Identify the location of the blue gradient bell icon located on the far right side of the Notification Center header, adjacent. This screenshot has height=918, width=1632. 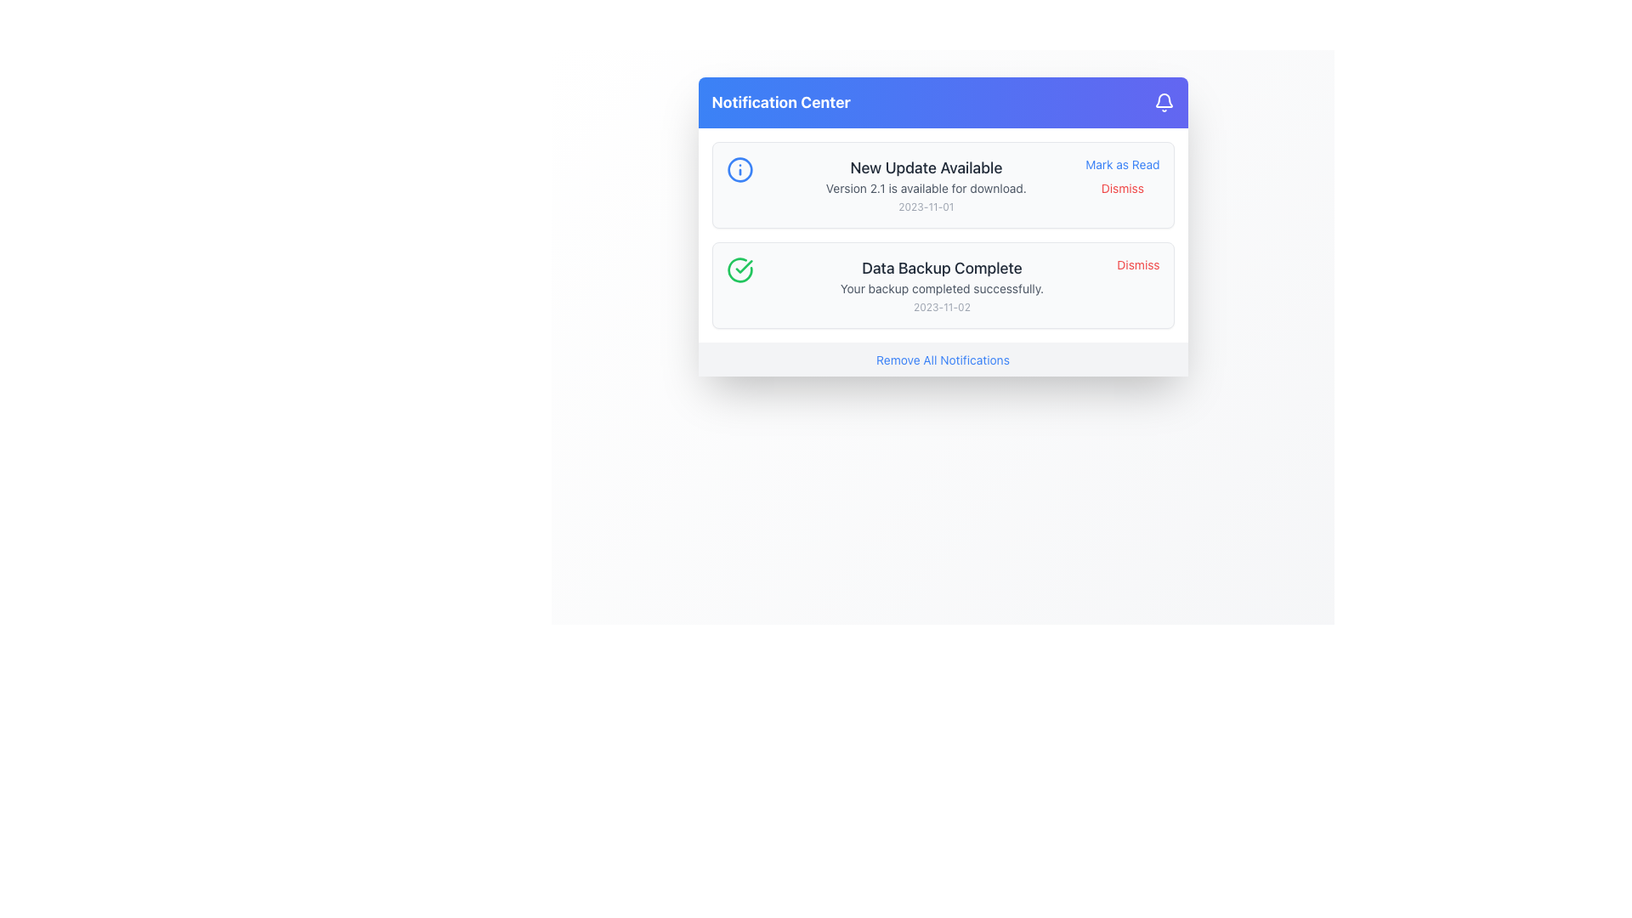
(1163, 102).